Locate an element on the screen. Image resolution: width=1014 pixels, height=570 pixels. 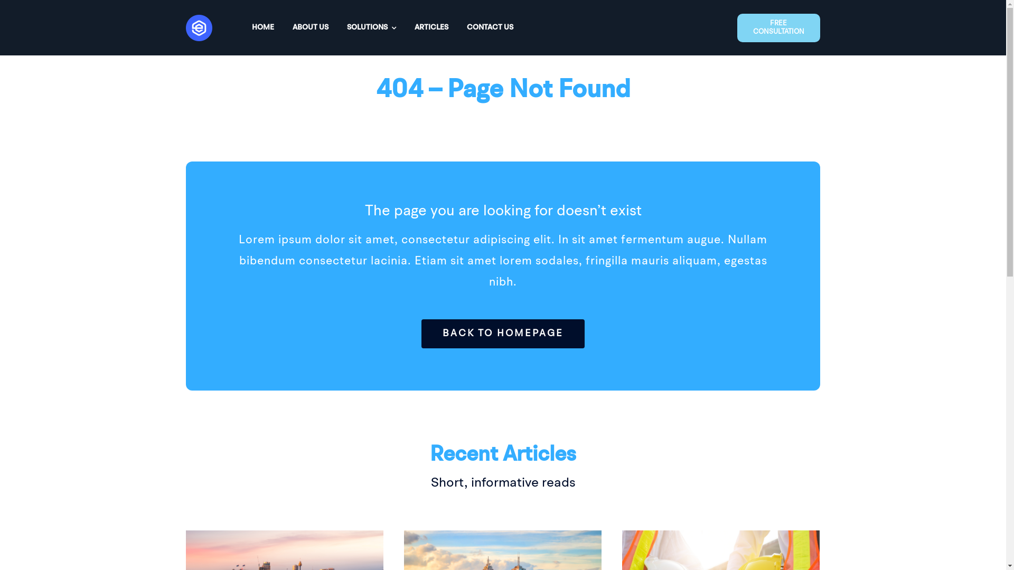
'FREE CONSULTATION' is located at coordinates (778, 27).